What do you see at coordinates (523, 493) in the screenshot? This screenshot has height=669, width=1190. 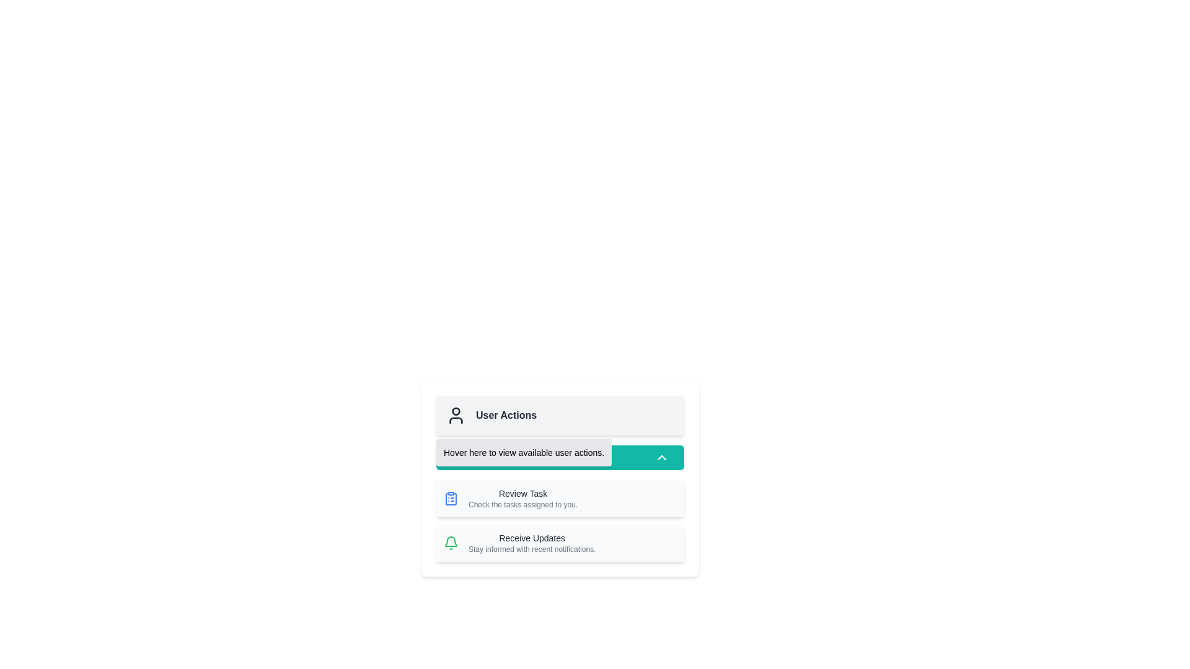 I see `the 'Review Task' text label, which is displayed in dark gray on a light background within the 'User Actions' area, positioned above 'Check the tasks assigned to you.'` at bounding box center [523, 493].